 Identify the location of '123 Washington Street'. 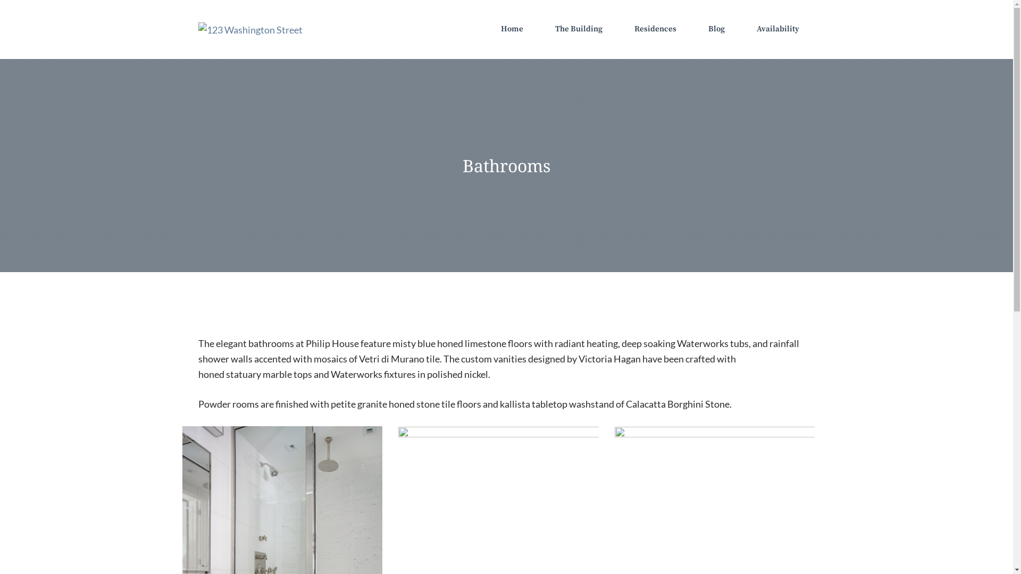
(249, 28).